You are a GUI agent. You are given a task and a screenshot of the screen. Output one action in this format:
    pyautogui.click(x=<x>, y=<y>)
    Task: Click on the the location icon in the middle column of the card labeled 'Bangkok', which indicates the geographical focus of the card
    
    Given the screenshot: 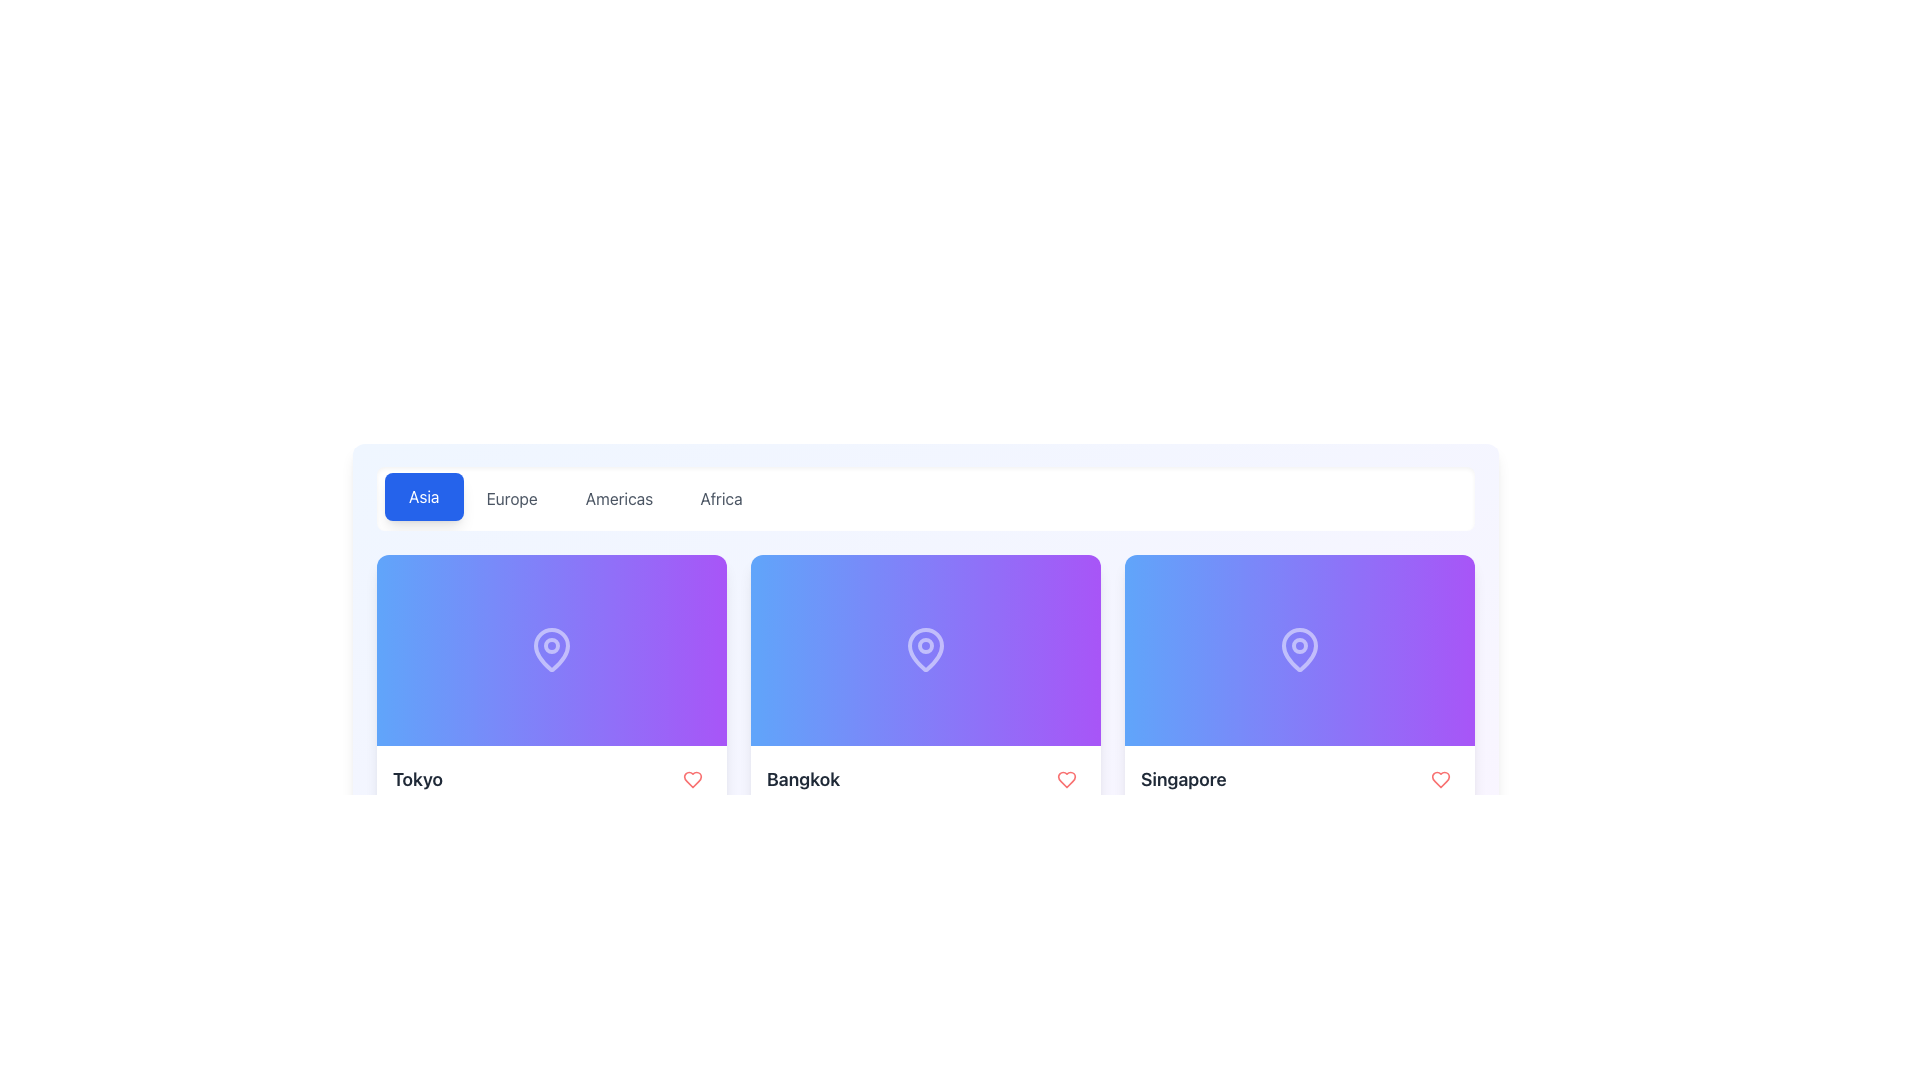 What is the action you would take?
    pyautogui.click(x=925, y=648)
    